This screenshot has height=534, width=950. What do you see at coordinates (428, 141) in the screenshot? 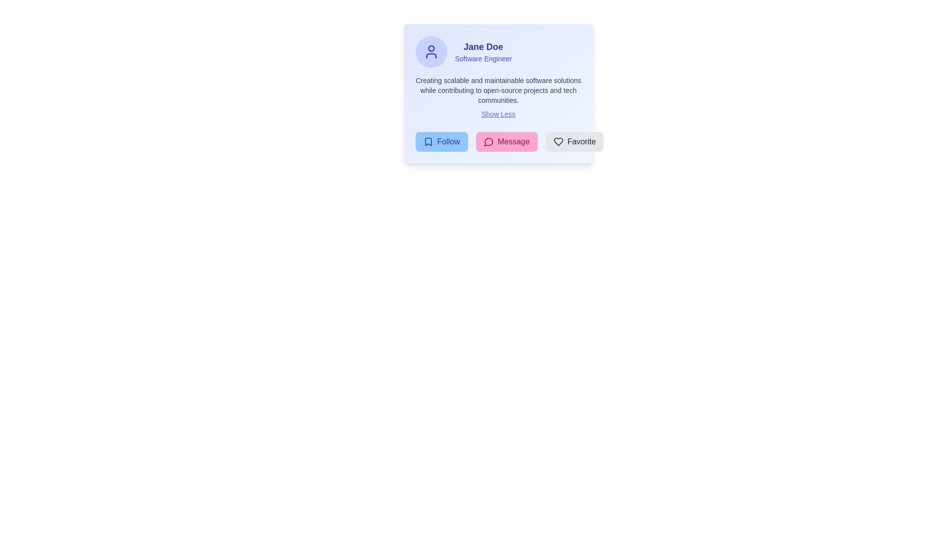
I see `the decorative icon positioned to the left of the 'Follow' button, located in the bottom-left corner of the user information card` at bounding box center [428, 141].